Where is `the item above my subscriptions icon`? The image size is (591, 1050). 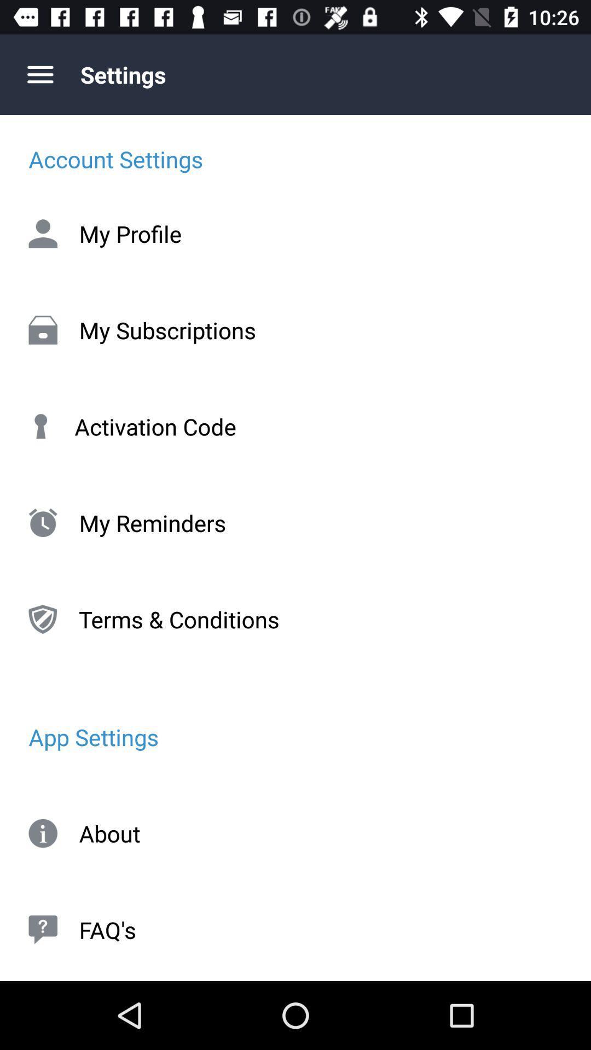 the item above my subscriptions icon is located at coordinates (296, 233).